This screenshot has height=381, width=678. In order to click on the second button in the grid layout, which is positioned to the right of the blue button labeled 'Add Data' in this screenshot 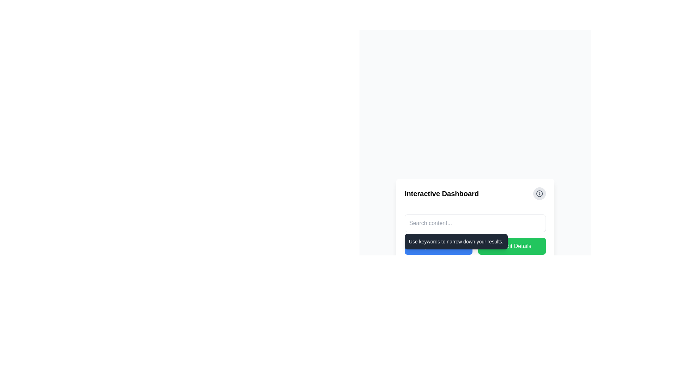, I will do `click(512, 246)`.